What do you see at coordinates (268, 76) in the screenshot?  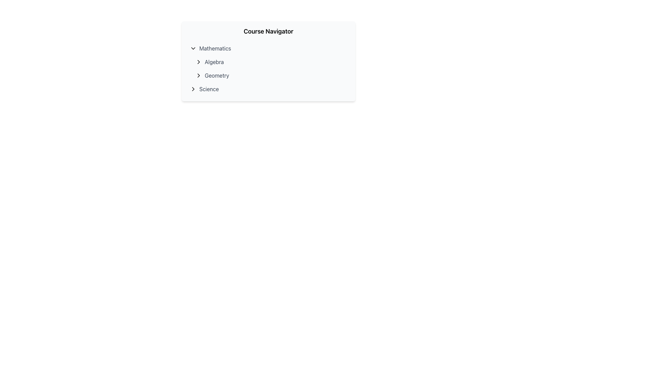 I see `the second navigational entry in the course navigator for the 'Geometry' section, located below 'Algebra' and above 'Science'` at bounding box center [268, 76].